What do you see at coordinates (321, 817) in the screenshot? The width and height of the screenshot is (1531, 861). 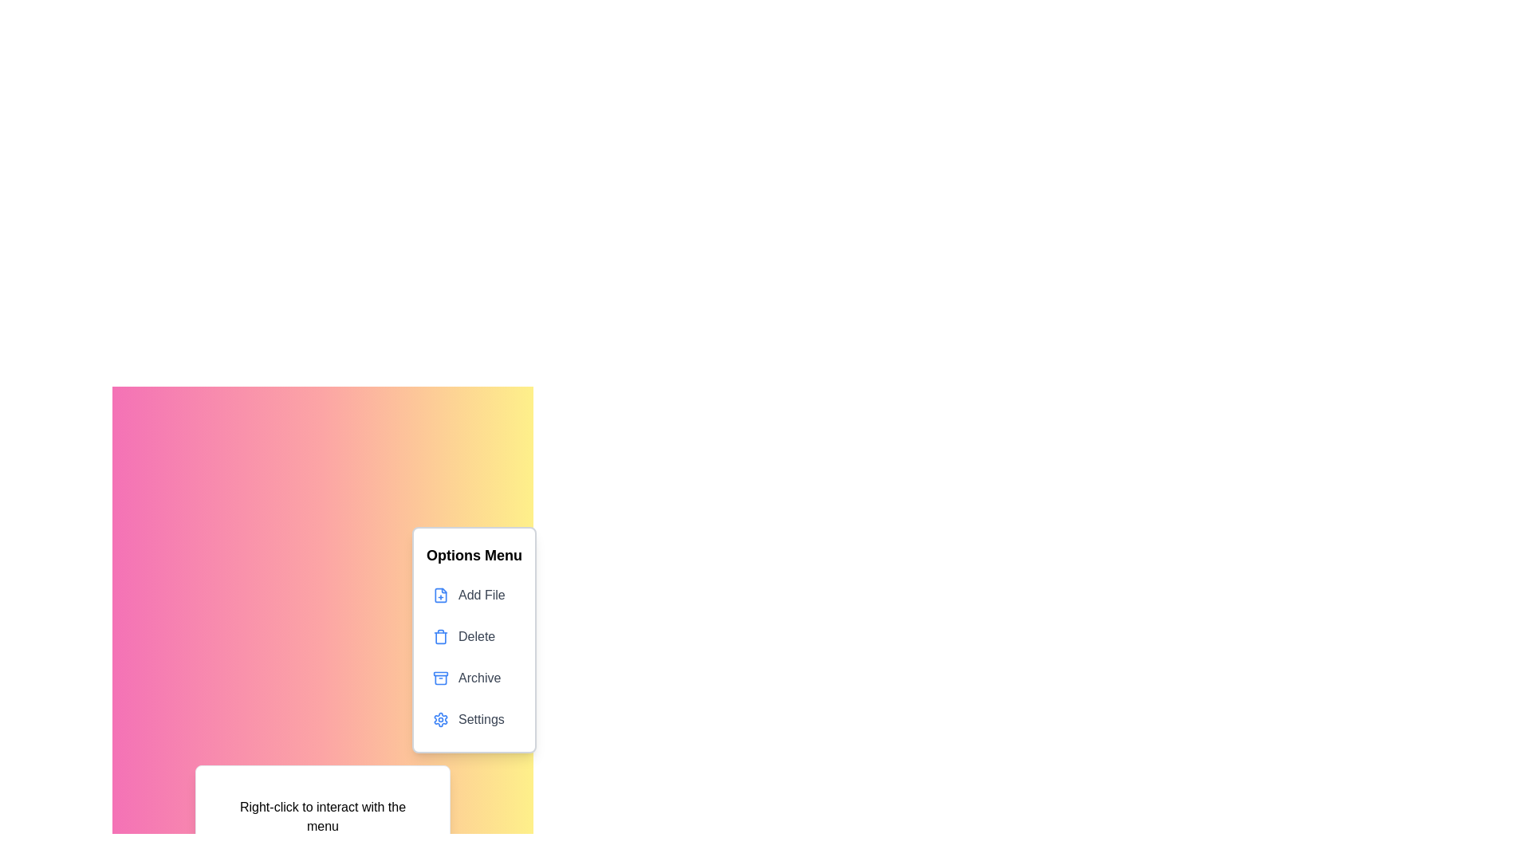 I see `the designated area to toggle the visibility of the context menu` at bounding box center [321, 817].